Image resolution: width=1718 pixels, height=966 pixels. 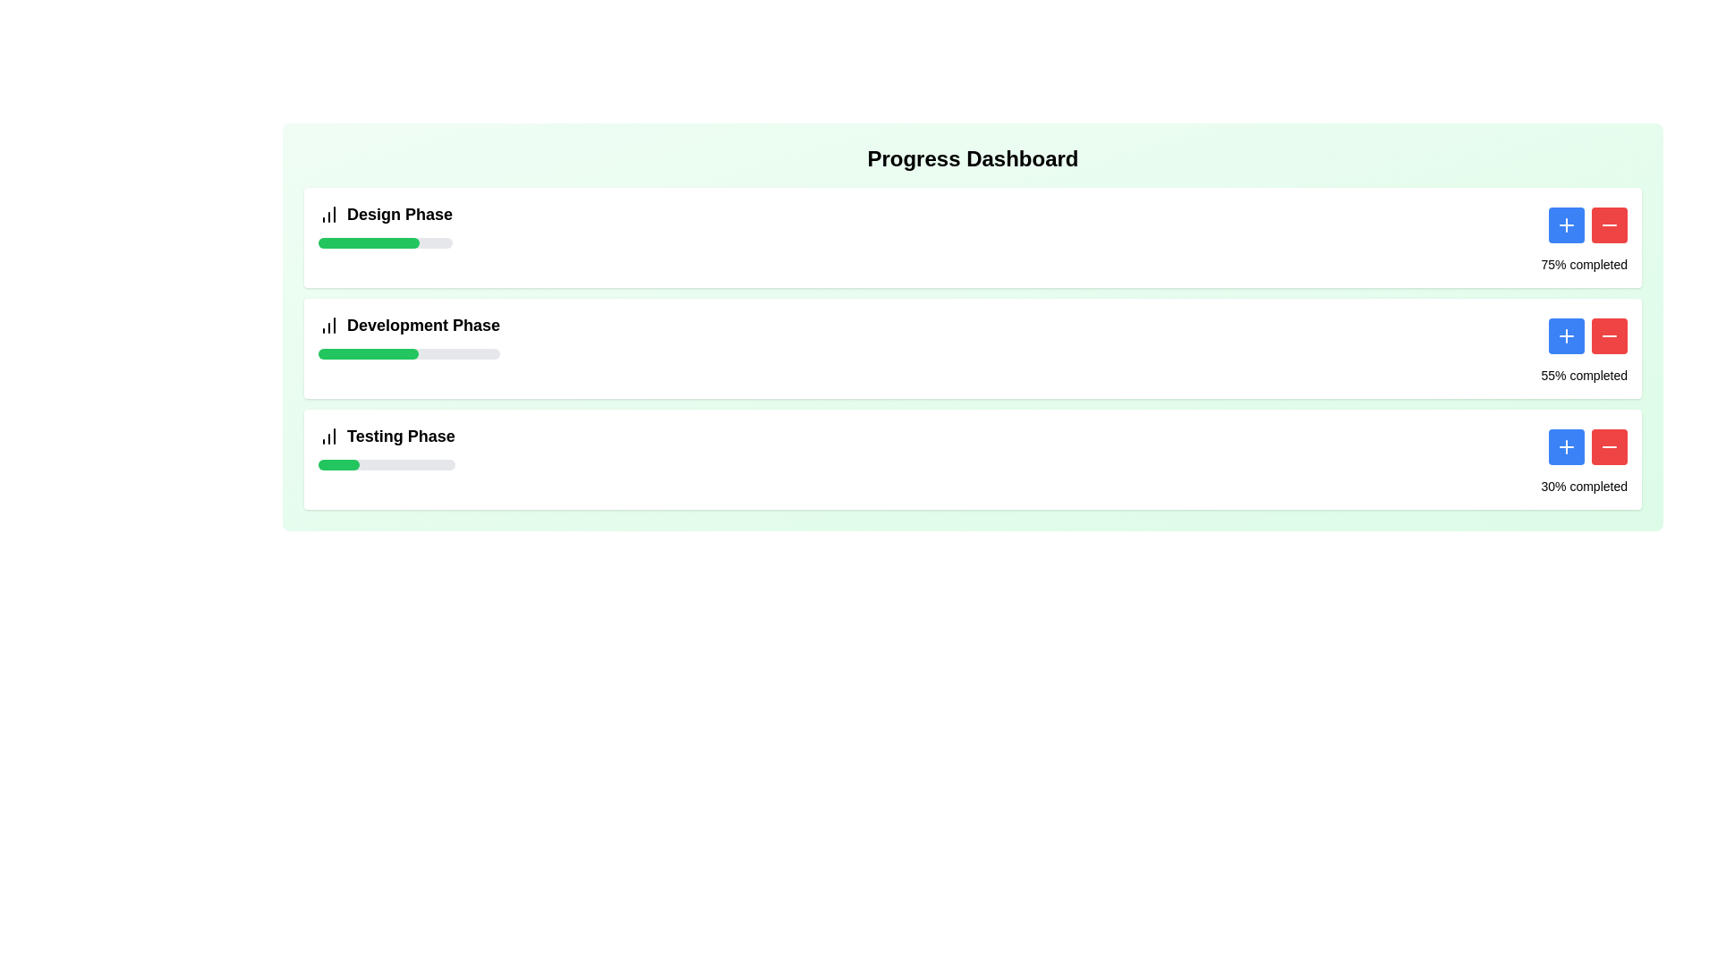 What do you see at coordinates (408, 354) in the screenshot?
I see `the completion percentage represented by the middle progress bar in the 'Development Phase' section, located directly below the 'Development Phase' label` at bounding box center [408, 354].